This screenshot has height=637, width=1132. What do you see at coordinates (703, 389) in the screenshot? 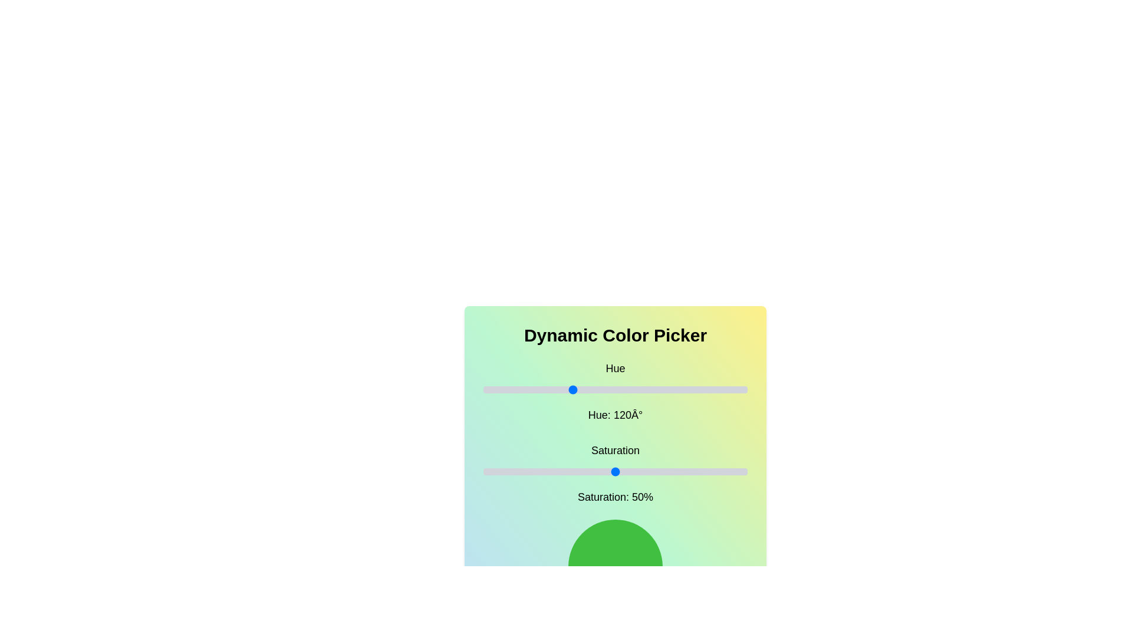
I see `the hue slider to set the hue to 299` at bounding box center [703, 389].